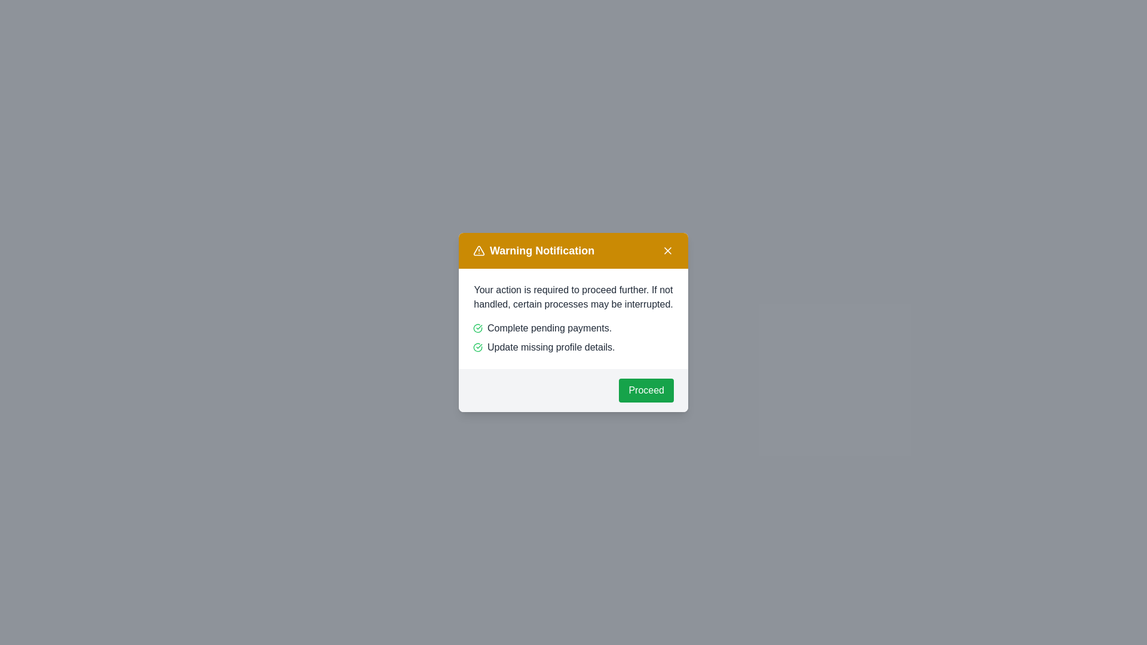 The width and height of the screenshot is (1147, 645). What do you see at coordinates (573, 328) in the screenshot?
I see `task description from the first item in the warning notification modal, which contains a green checkmark icon and the text 'Complete pending payments.'` at bounding box center [573, 328].